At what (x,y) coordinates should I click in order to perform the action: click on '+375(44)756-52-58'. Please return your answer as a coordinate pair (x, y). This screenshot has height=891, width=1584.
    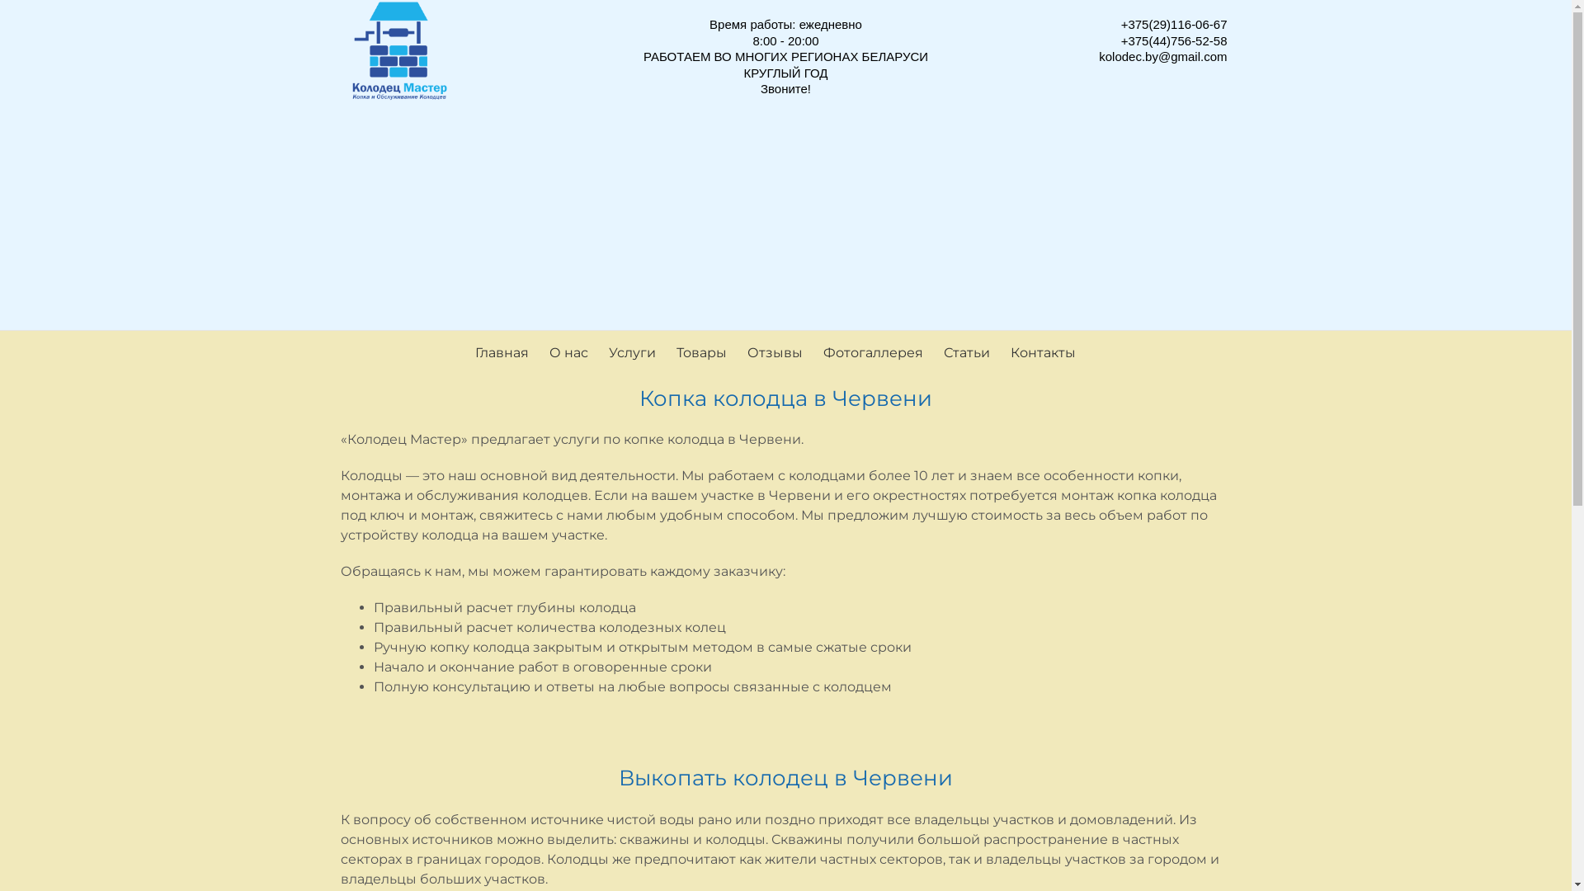
    Looking at the image, I should click on (1173, 39).